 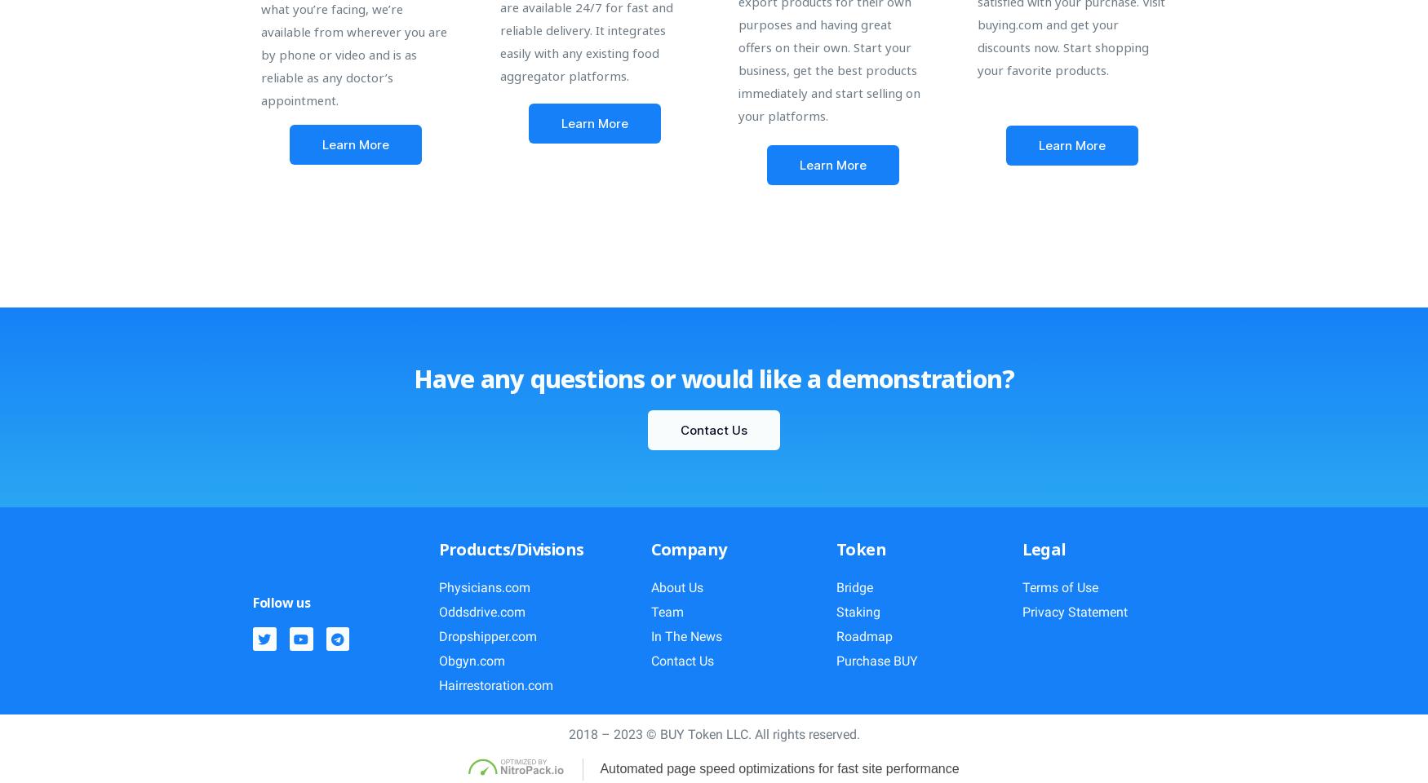 What do you see at coordinates (860, 549) in the screenshot?
I see `'Token'` at bounding box center [860, 549].